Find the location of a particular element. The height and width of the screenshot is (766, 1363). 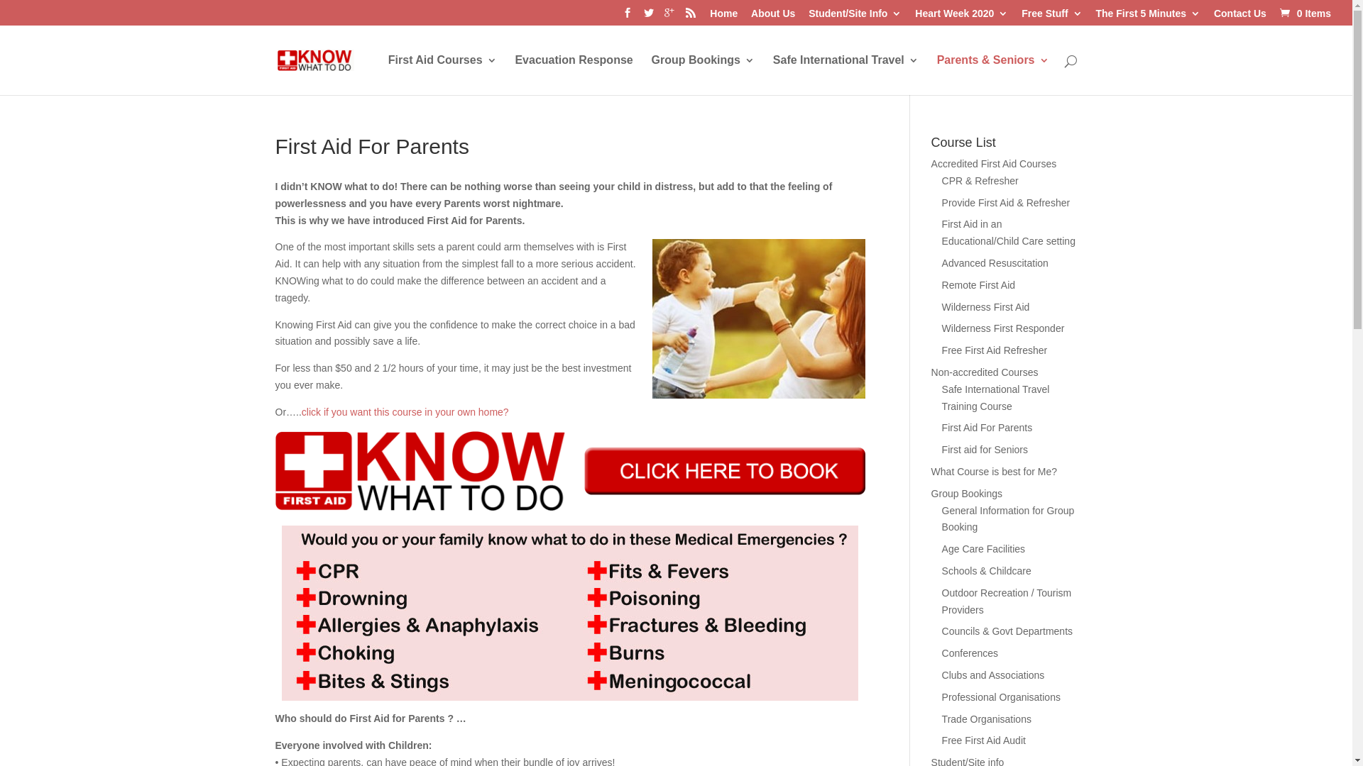

'Conferences' is located at coordinates (941, 653).